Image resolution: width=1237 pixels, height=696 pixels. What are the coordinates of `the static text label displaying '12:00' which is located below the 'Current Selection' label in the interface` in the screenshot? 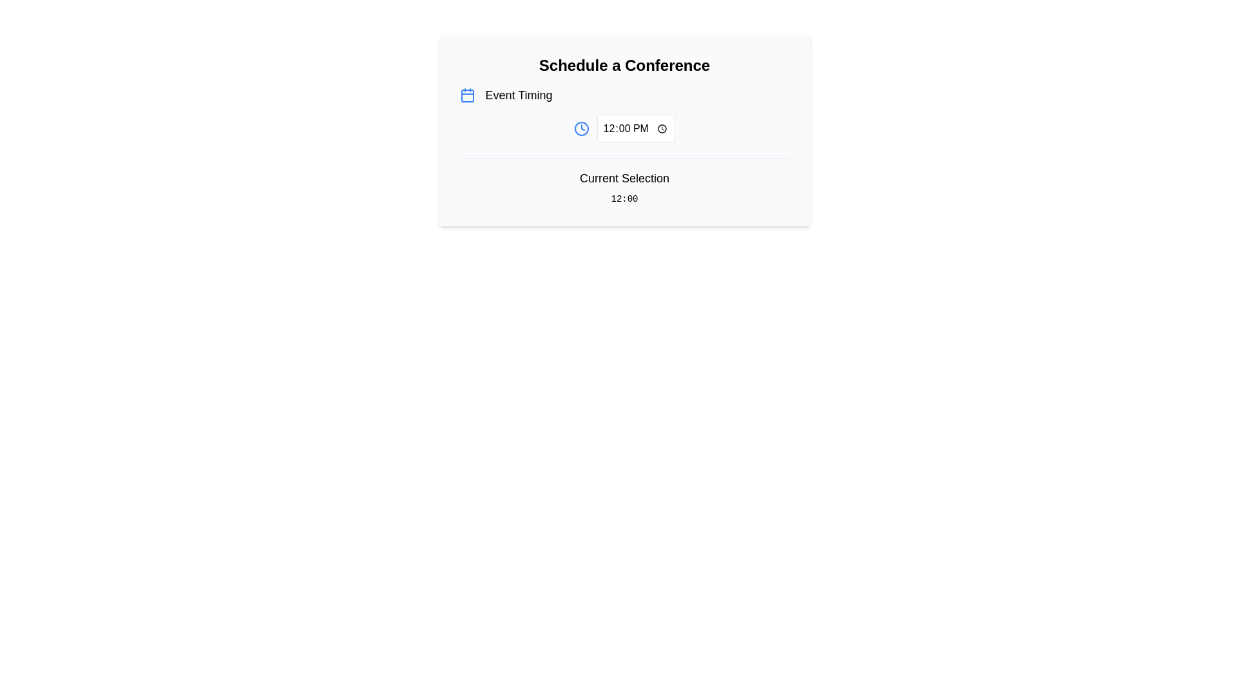 It's located at (624, 198).